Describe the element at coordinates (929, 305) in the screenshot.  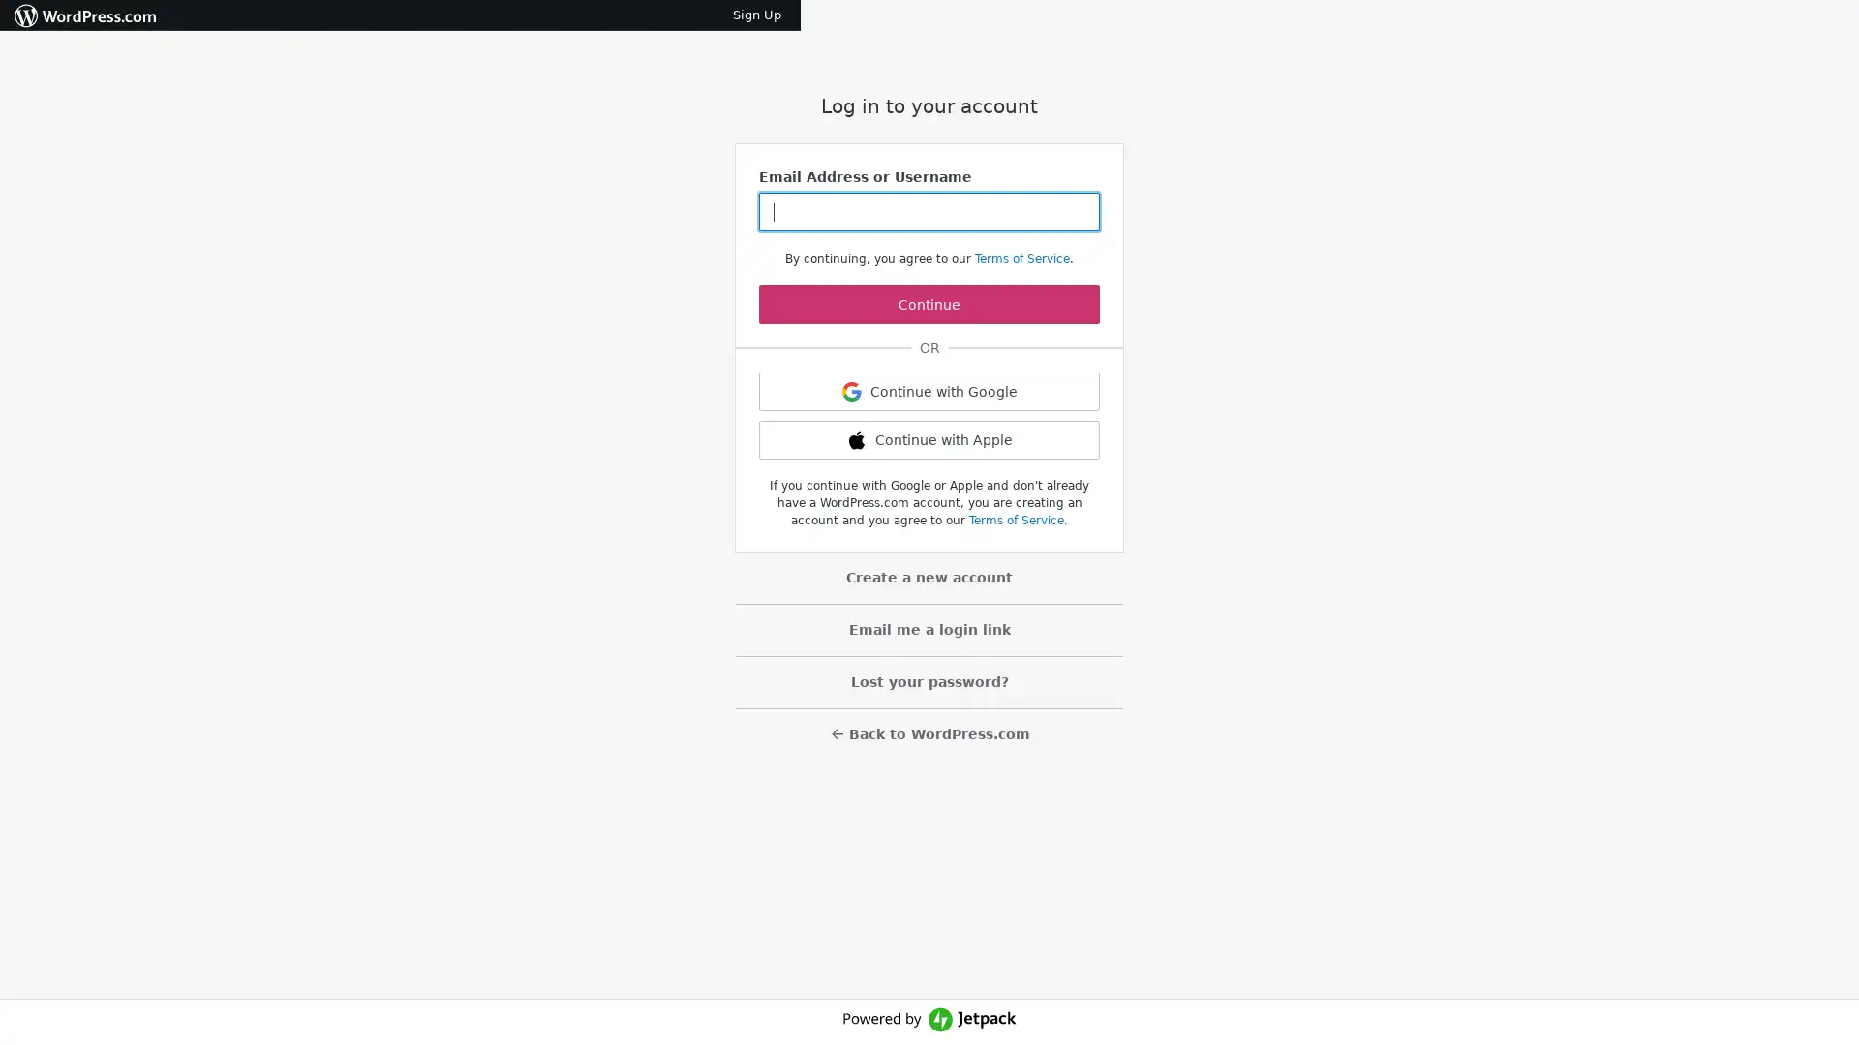
I see `Continue` at that location.